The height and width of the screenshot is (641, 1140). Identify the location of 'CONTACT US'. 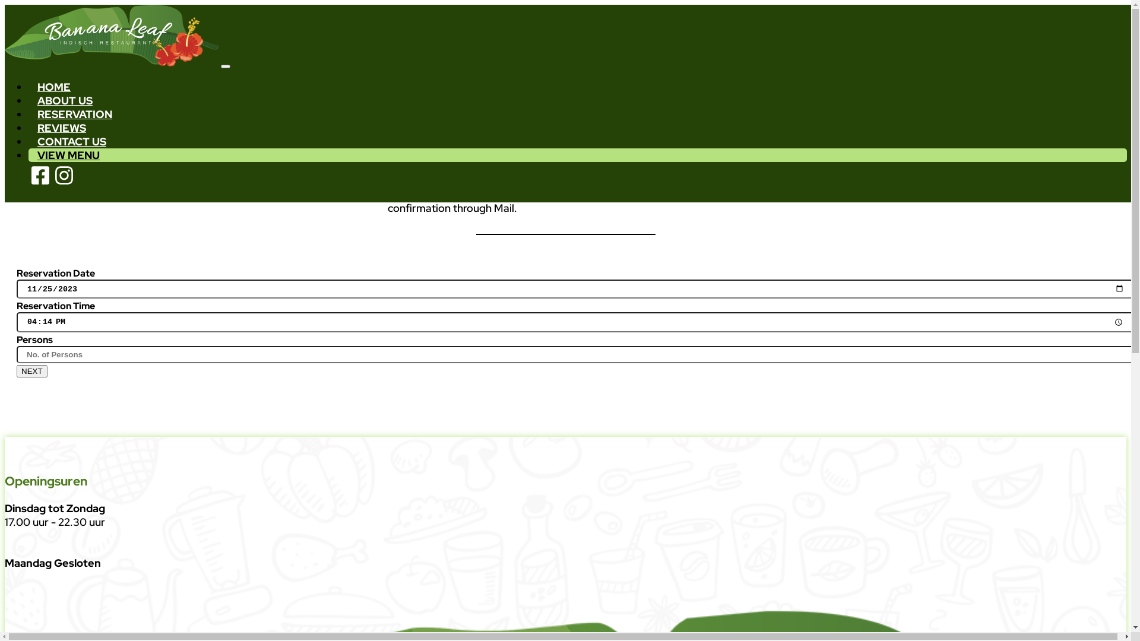
(28, 141).